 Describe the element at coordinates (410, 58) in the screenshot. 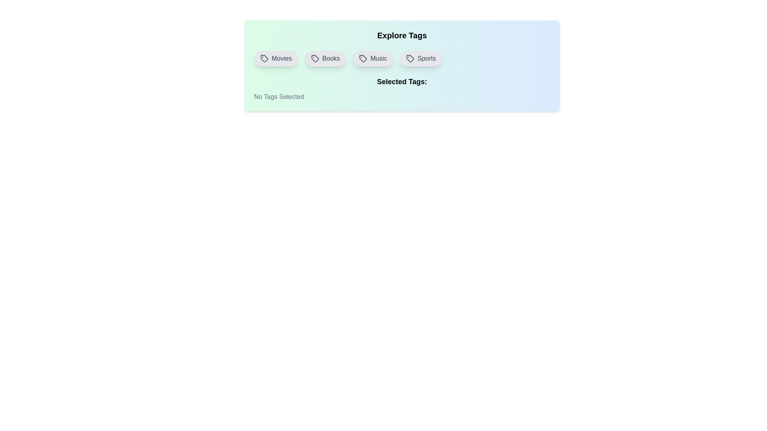

I see `the tag icon located in the 'Explore Tags' section, which represents the 'Sports' category` at that location.